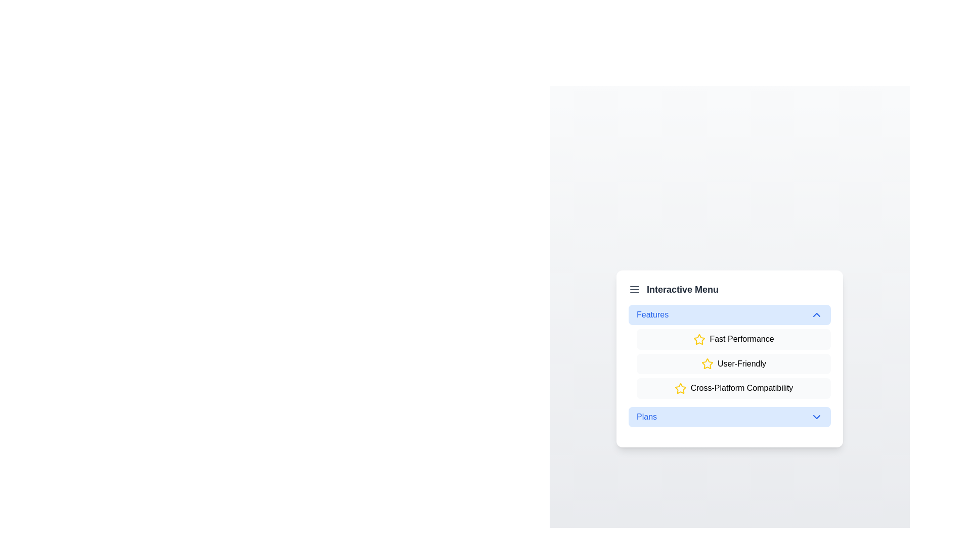 The height and width of the screenshot is (546, 971). I want to click on the menu icon to interact with it, so click(634, 289).